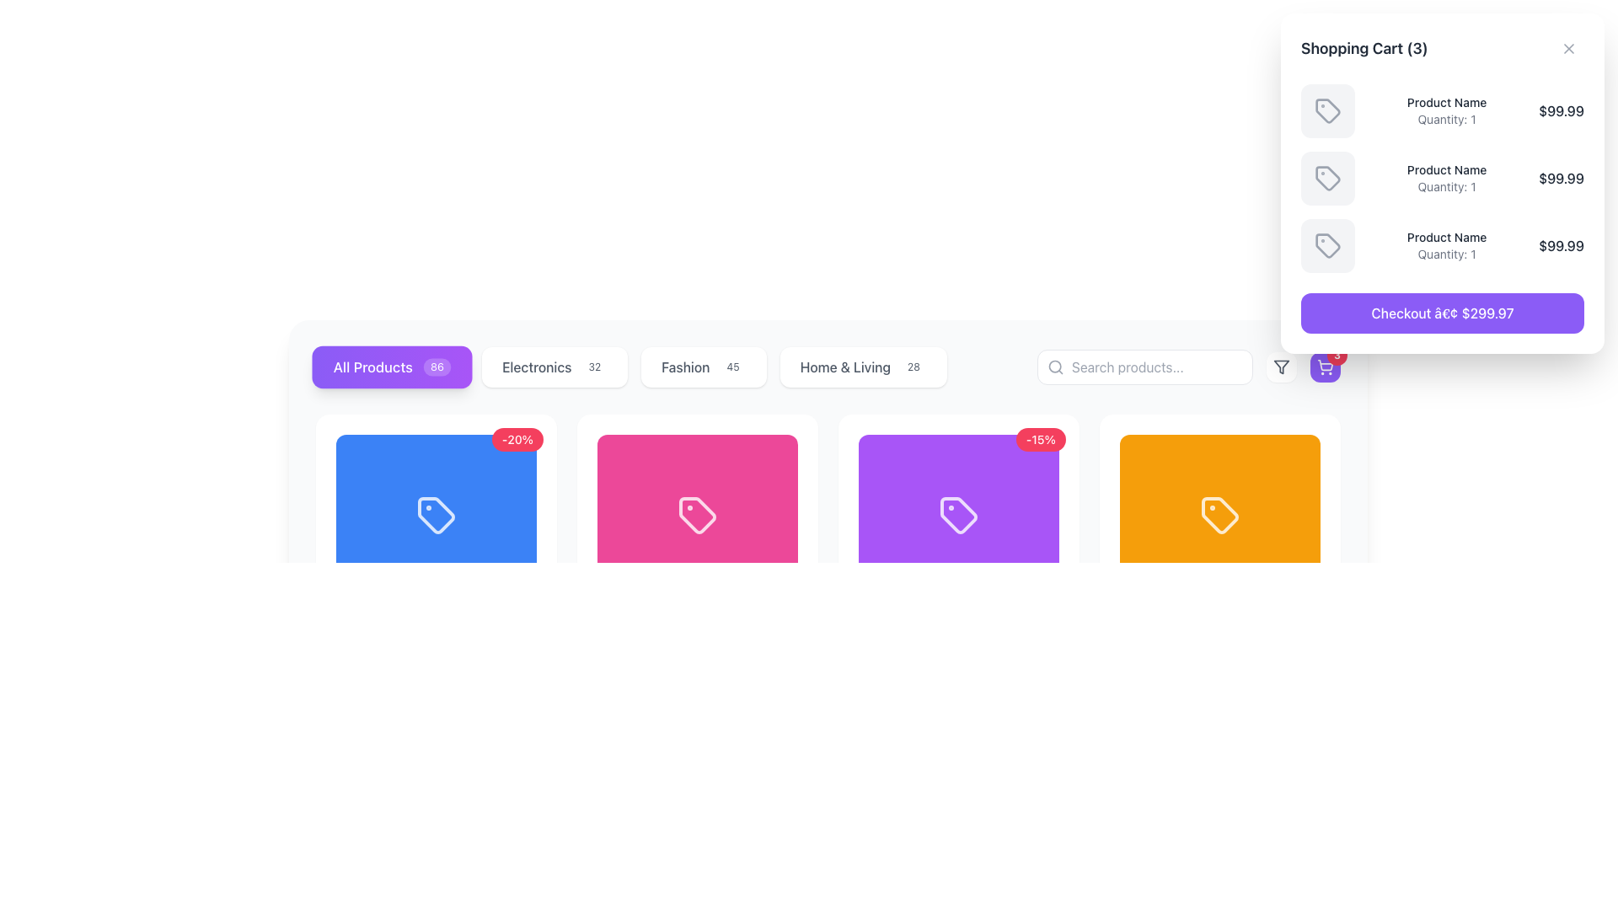 Image resolution: width=1618 pixels, height=910 pixels. Describe the element at coordinates (913, 366) in the screenshot. I see `Label displaying the number '28' in black text with a white background and semi-transparent overlay, located to the right of the 'Home & Living' button` at that location.